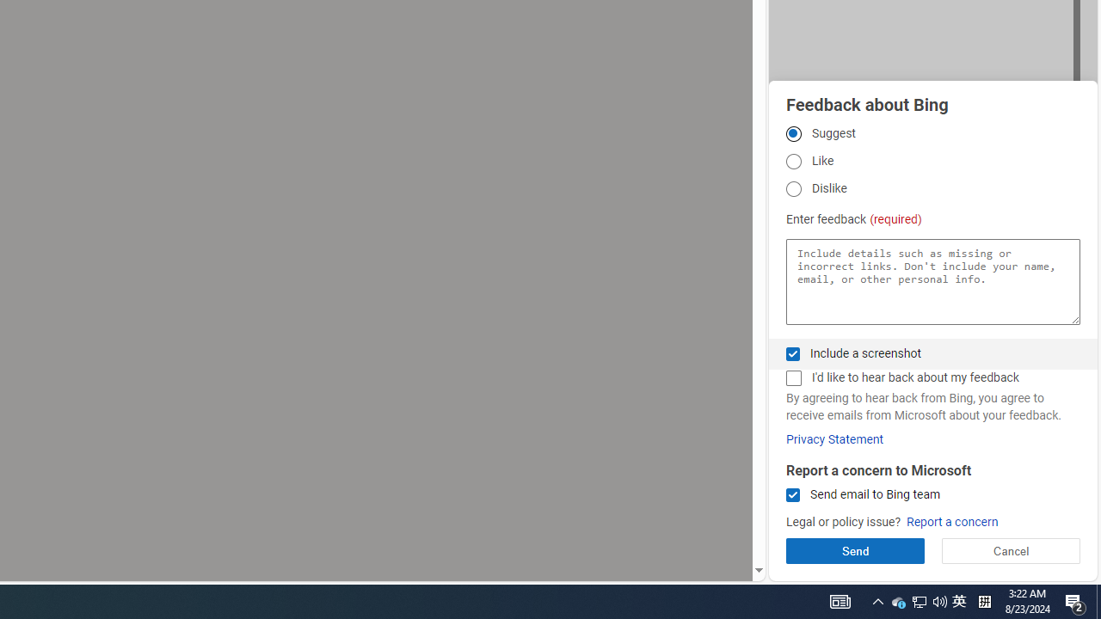 The height and width of the screenshot is (619, 1101). What do you see at coordinates (855, 550) in the screenshot?
I see `'Send'` at bounding box center [855, 550].